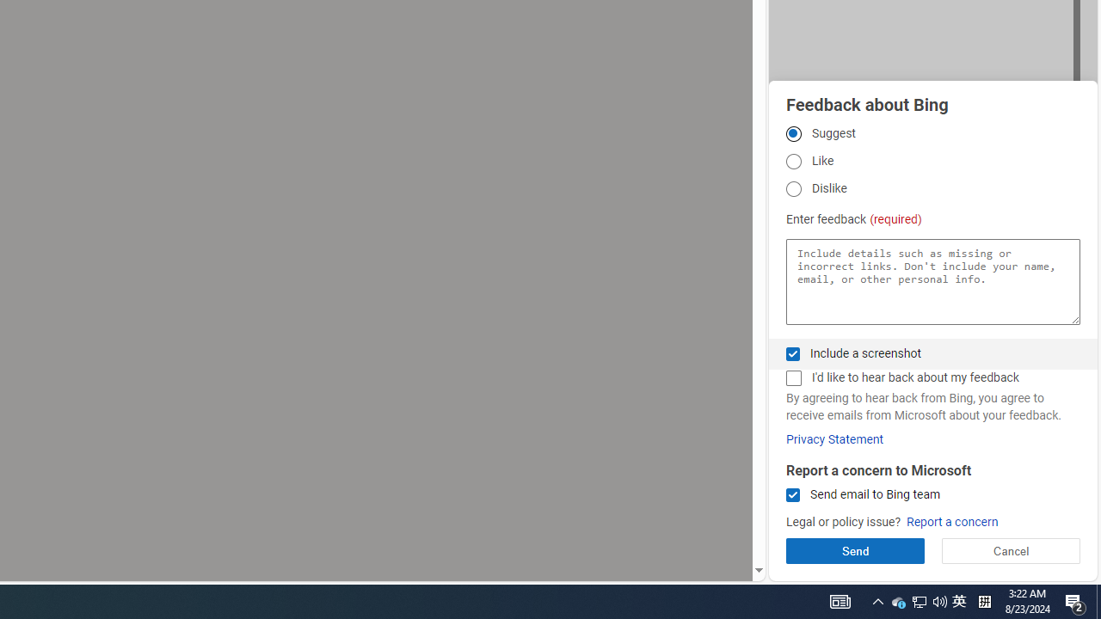 The height and width of the screenshot is (619, 1101). What do you see at coordinates (855, 550) in the screenshot?
I see `'Send'` at bounding box center [855, 550].